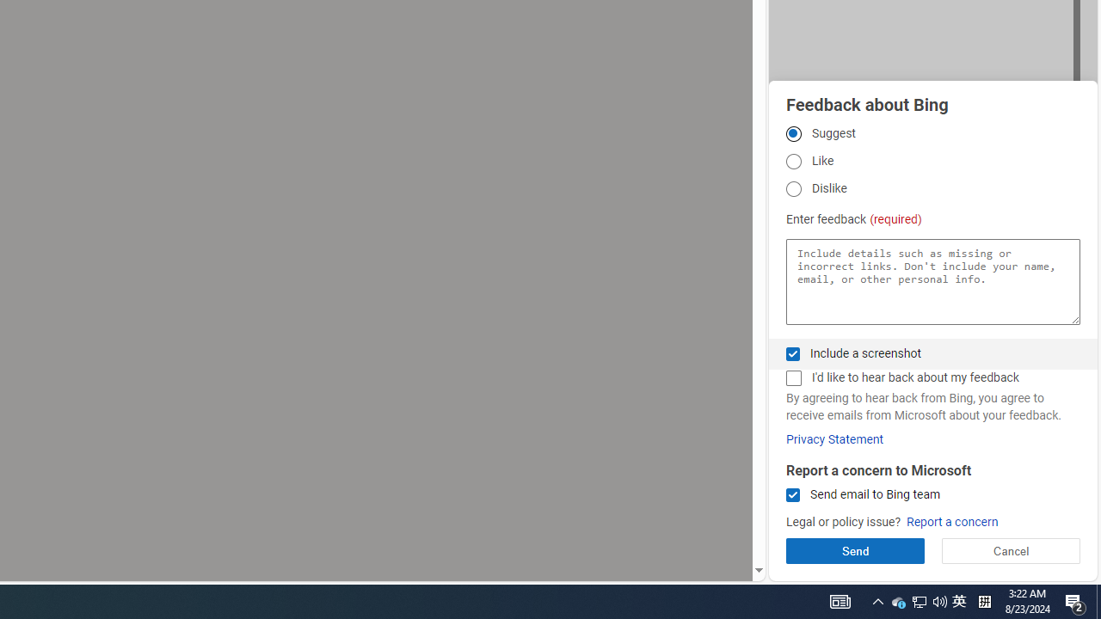 The height and width of the screenshot is (619, 1101). What do you see at coordinates (855, 550) in the screenshot?
I see `'Send'` at bounding box center [855, 550].